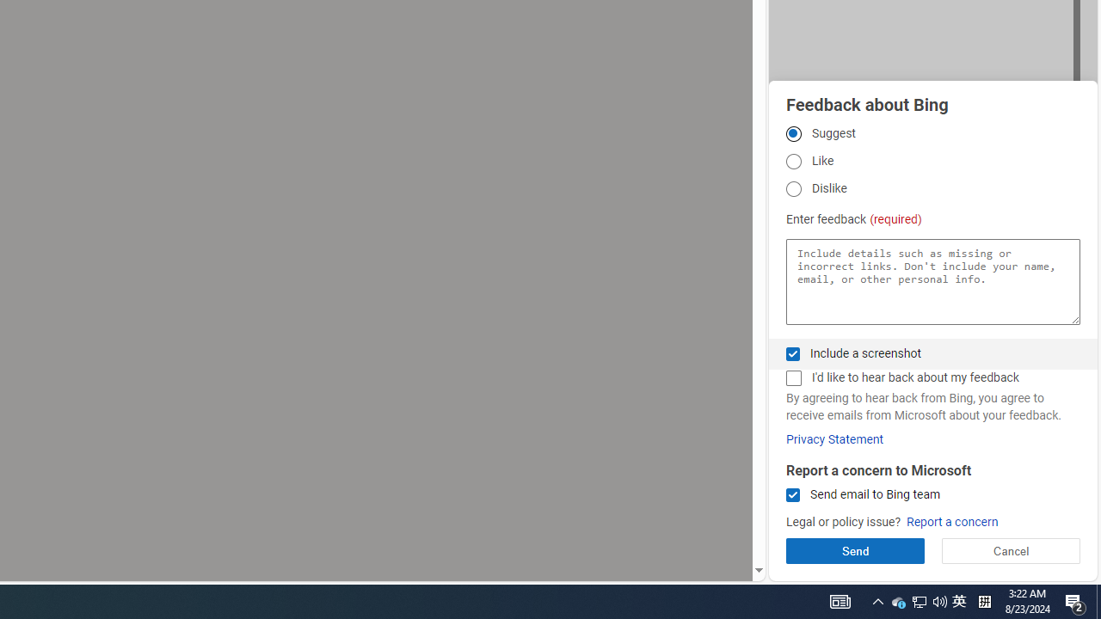 The height and width of the screenshot is (619, 1101). What do you see at coordinates (855, 550) in the screenshot?
I see `'Send'` at bounding box center [855, 550].